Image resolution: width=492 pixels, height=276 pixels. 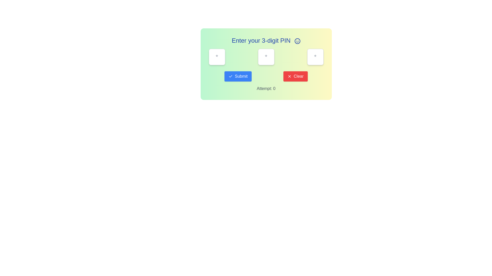 I want to click on the 'Clear' button located in the bottom-right section of the card, next to the blue 'Submit' button, to trigger hover effects, so click(x=295, y=76).